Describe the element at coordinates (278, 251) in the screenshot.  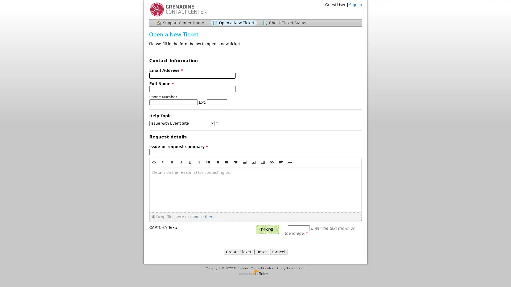
I see `Cancel` at that location.